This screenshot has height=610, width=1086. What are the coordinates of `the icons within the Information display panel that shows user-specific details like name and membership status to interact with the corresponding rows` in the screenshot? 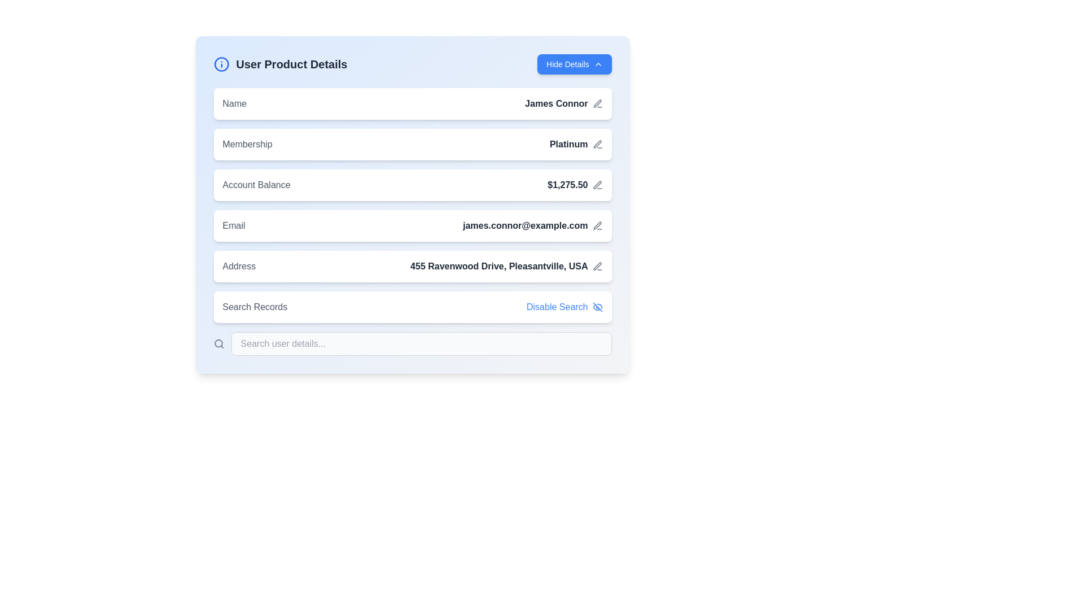 It's located at (412, 222).